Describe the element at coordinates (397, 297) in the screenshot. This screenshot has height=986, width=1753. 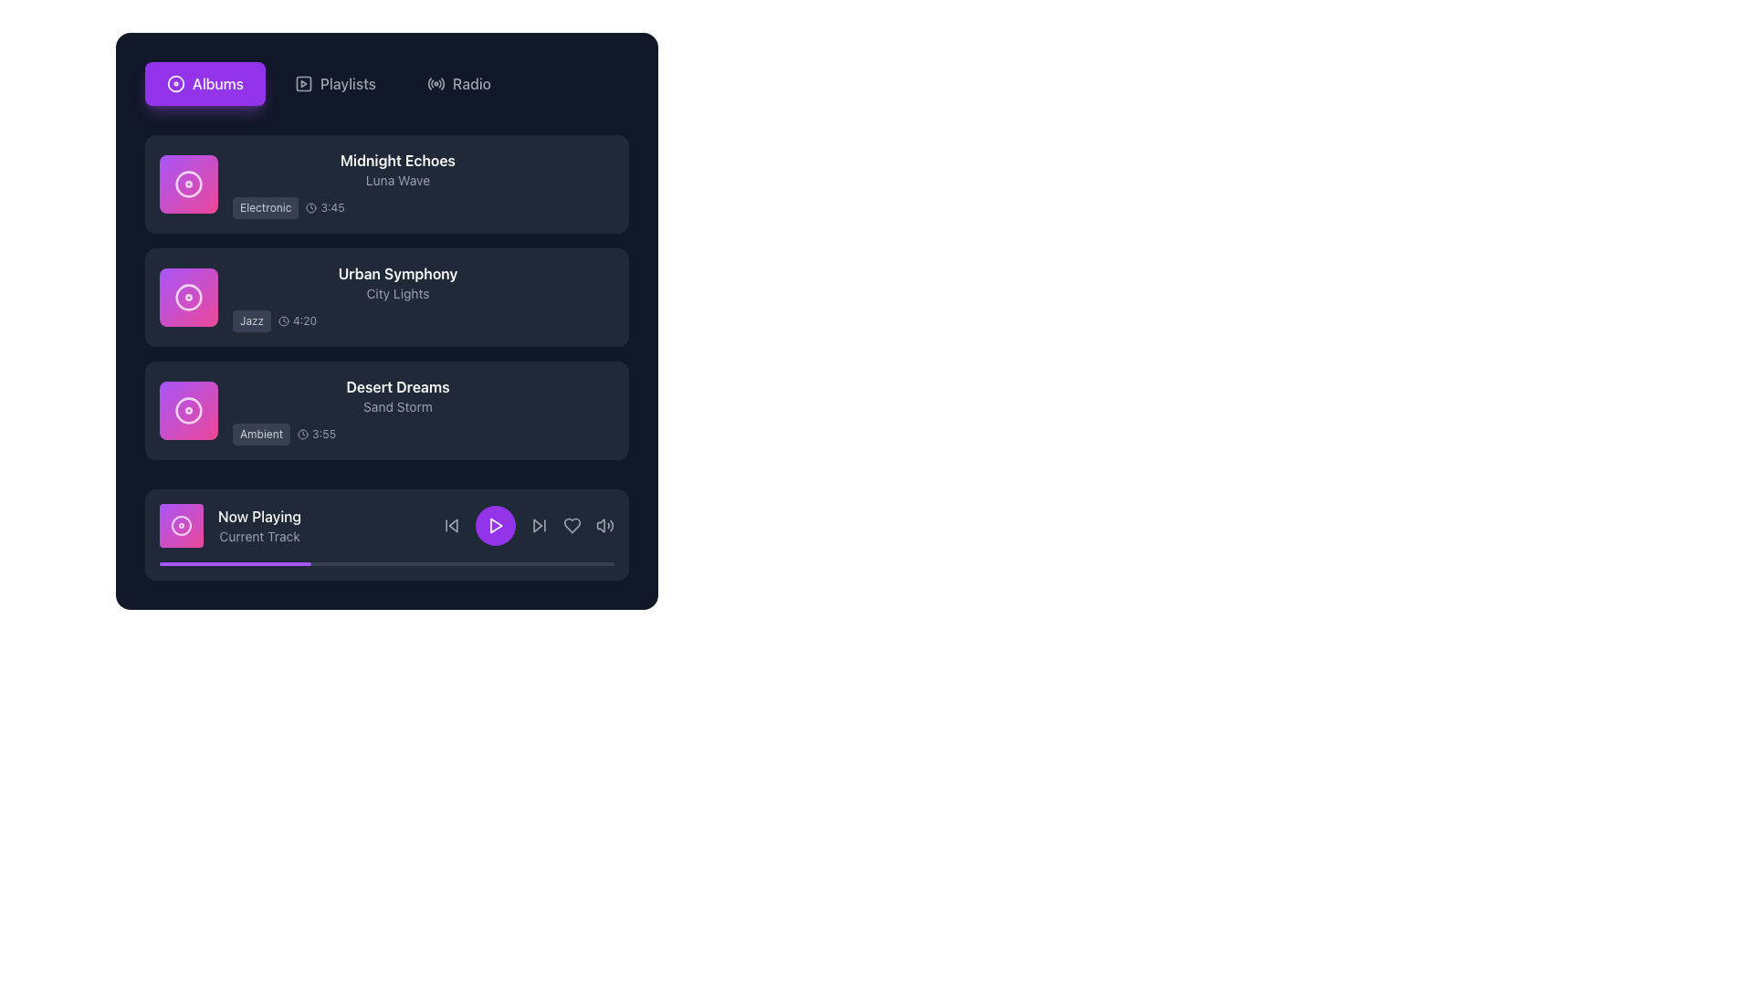
I see `the Information display panel that shows details about the music track, located between 'Midnight Echoes' and 'Desert Dreams'` at that location.